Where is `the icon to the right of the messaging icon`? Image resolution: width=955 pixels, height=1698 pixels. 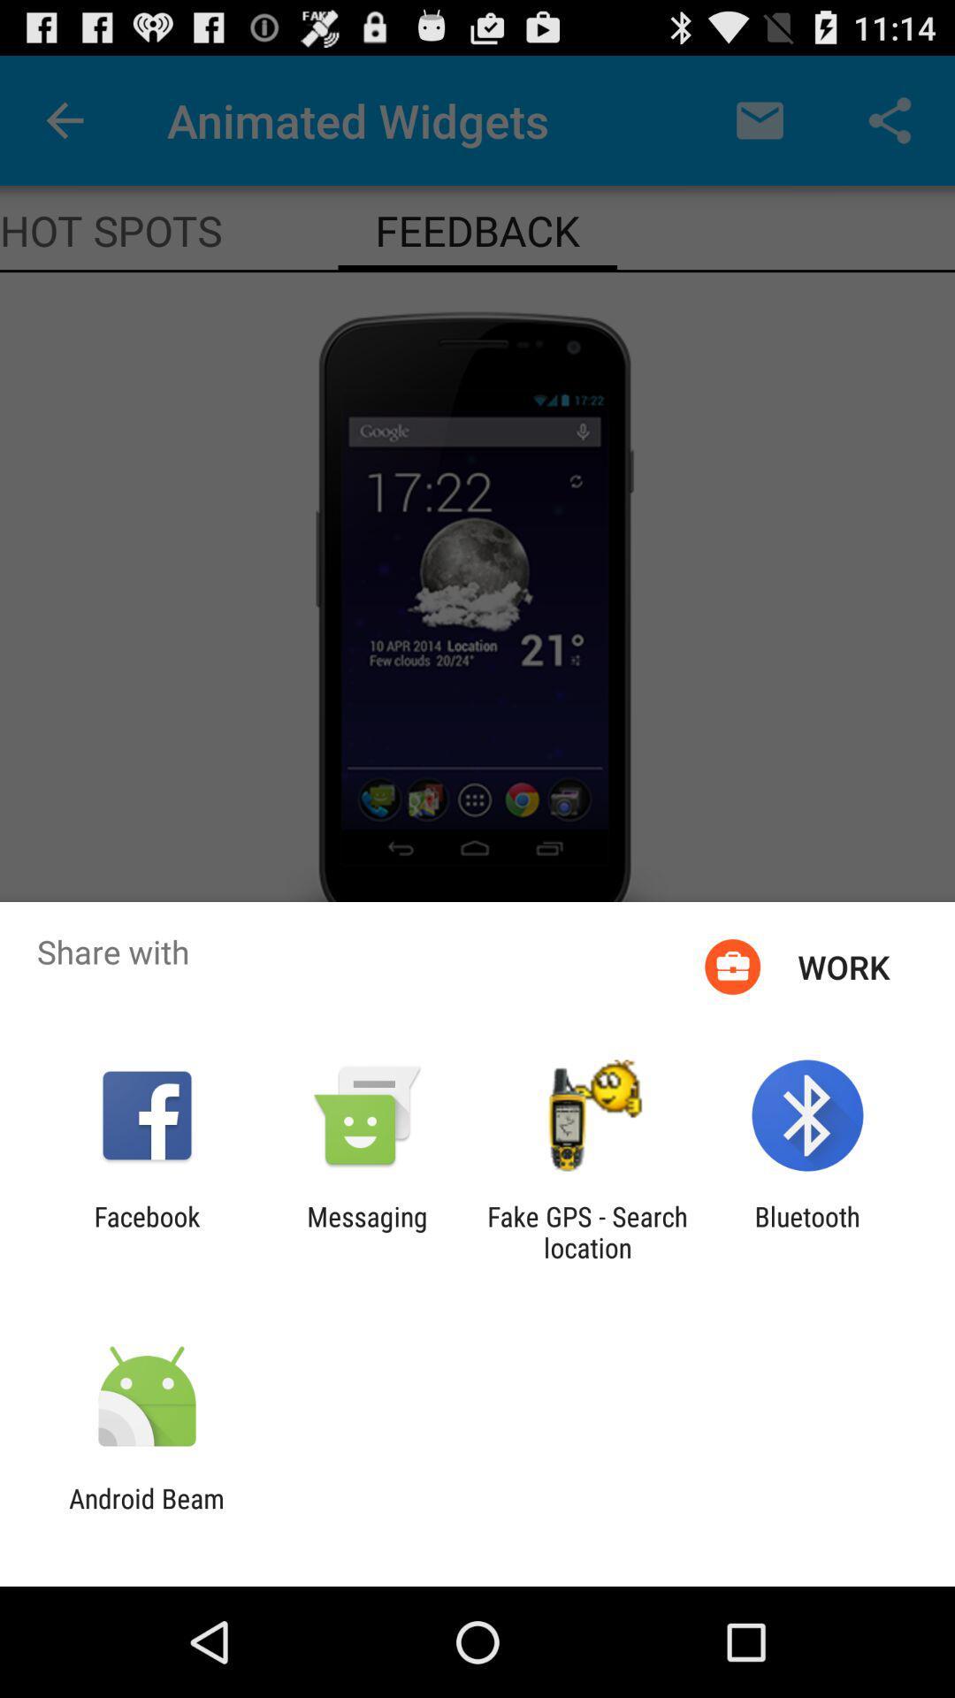 the icon to the right of the messaging icon is located at coordinates (587, 1231).